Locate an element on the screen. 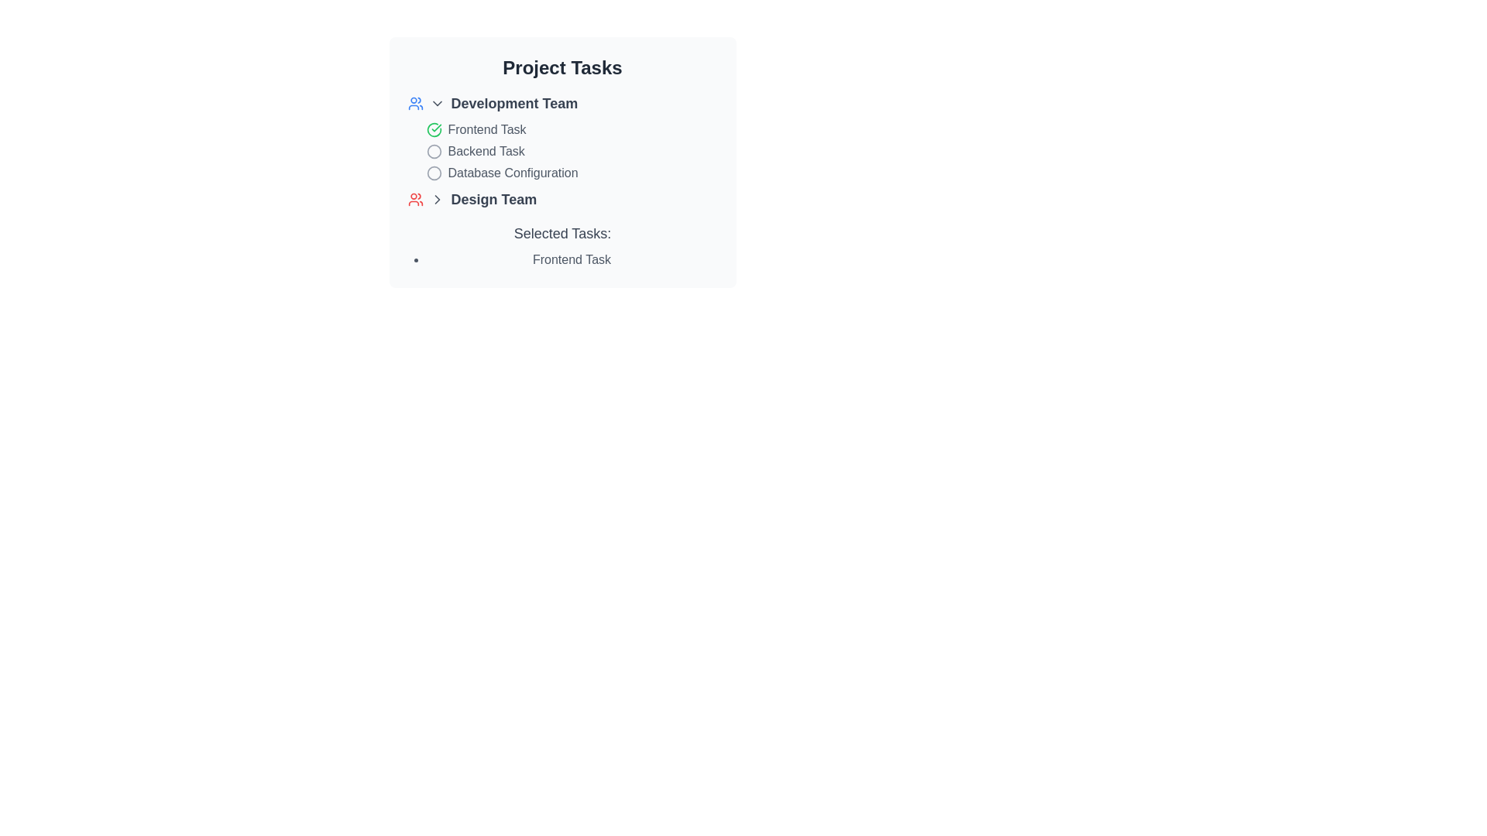  the gray outlined circle-shaped icon located to the left of the 'Database Configuration' text, which is the first visual component in the list under the 'Development Team' heading is located at coordinates (434, 173).